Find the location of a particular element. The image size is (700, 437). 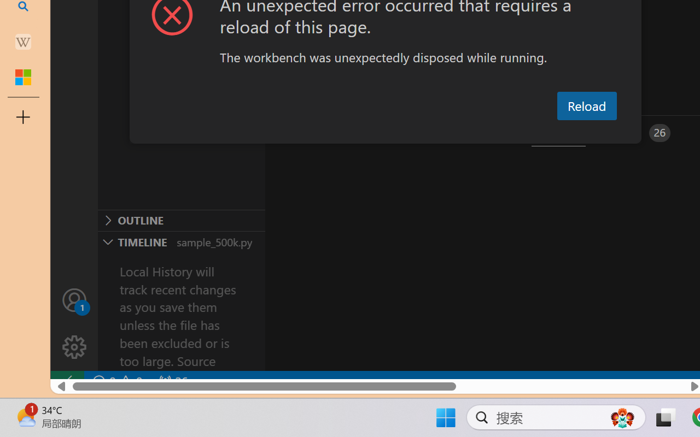

'remote' is located at coordinates (66, 381).